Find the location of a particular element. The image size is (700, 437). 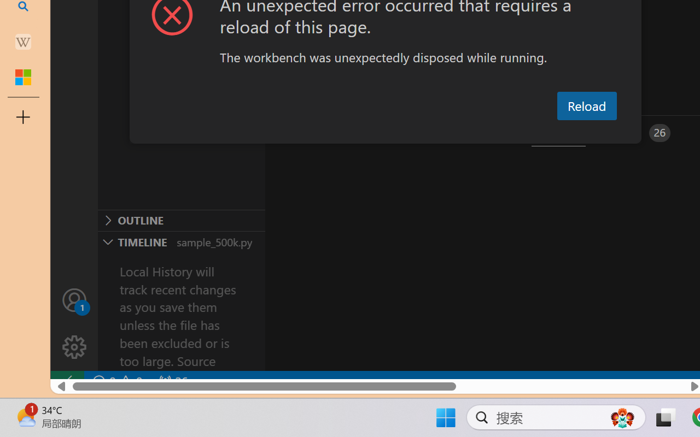

'remote' is located at coordinates (66, 381).